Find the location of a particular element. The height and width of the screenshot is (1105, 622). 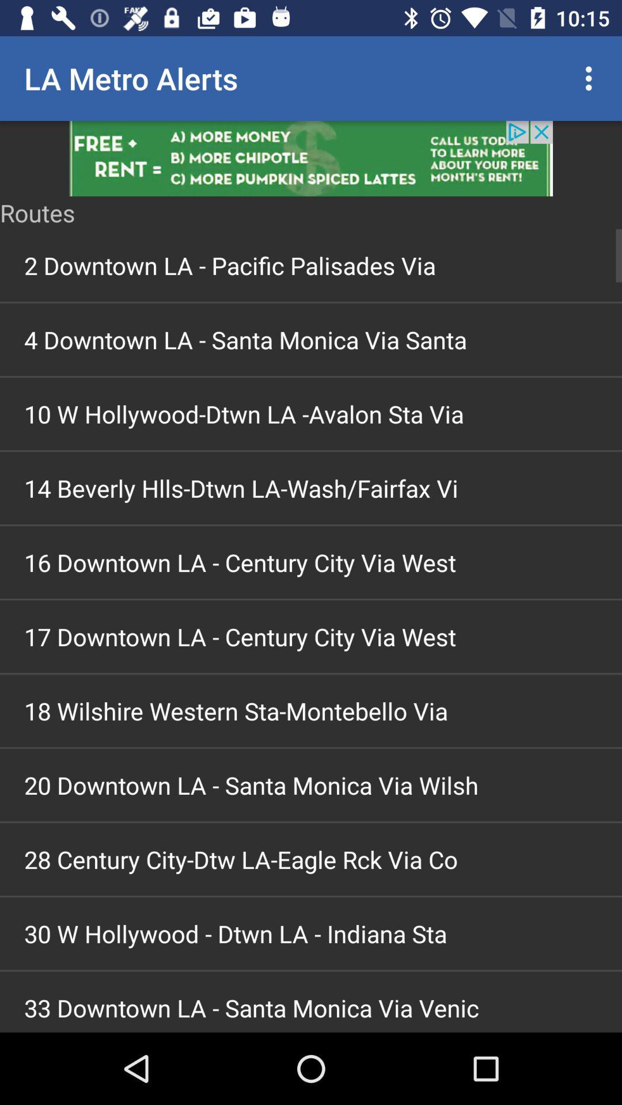

advertisements image is located at coordinates (311, 158).